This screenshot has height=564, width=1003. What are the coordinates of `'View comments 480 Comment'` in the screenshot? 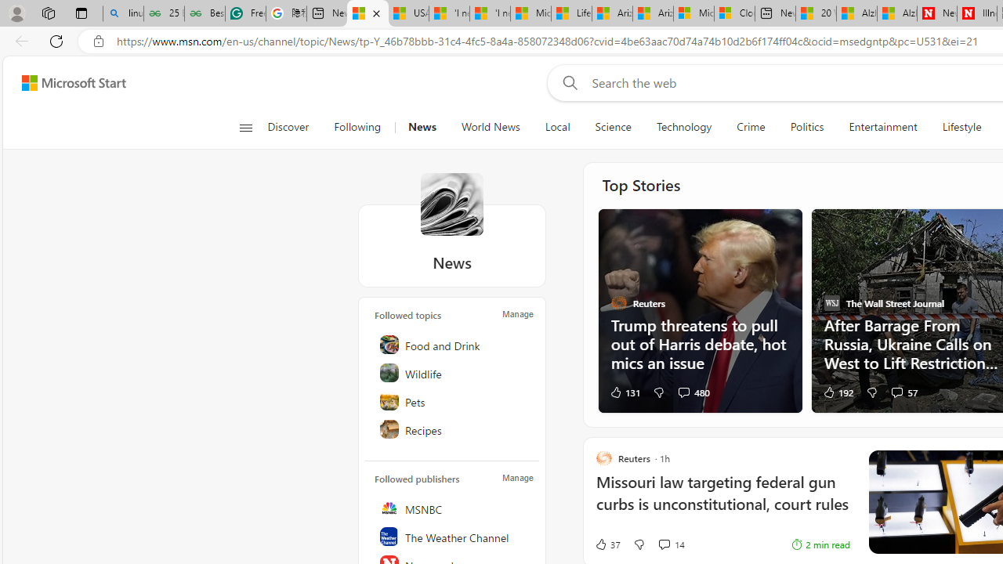 It's located at (683, 391).